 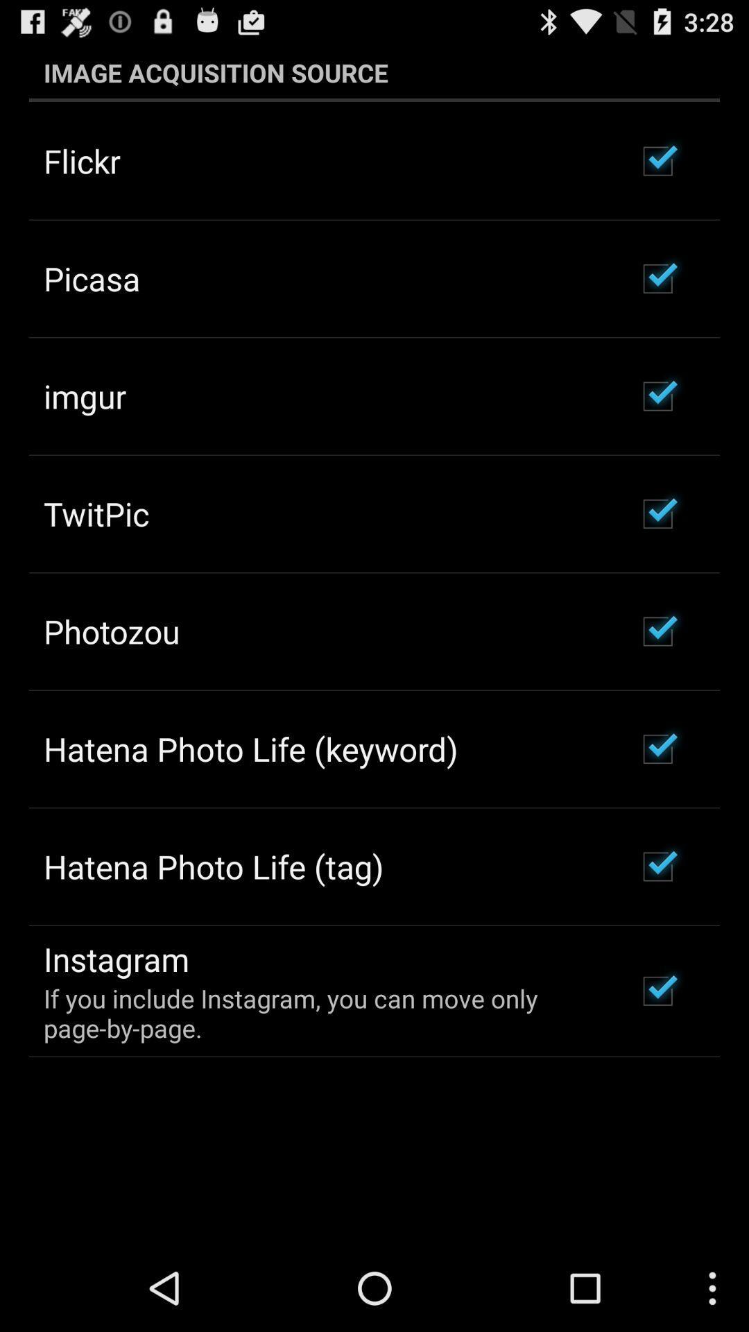 I want to click on the flickr app, so click(x=82, y=161).